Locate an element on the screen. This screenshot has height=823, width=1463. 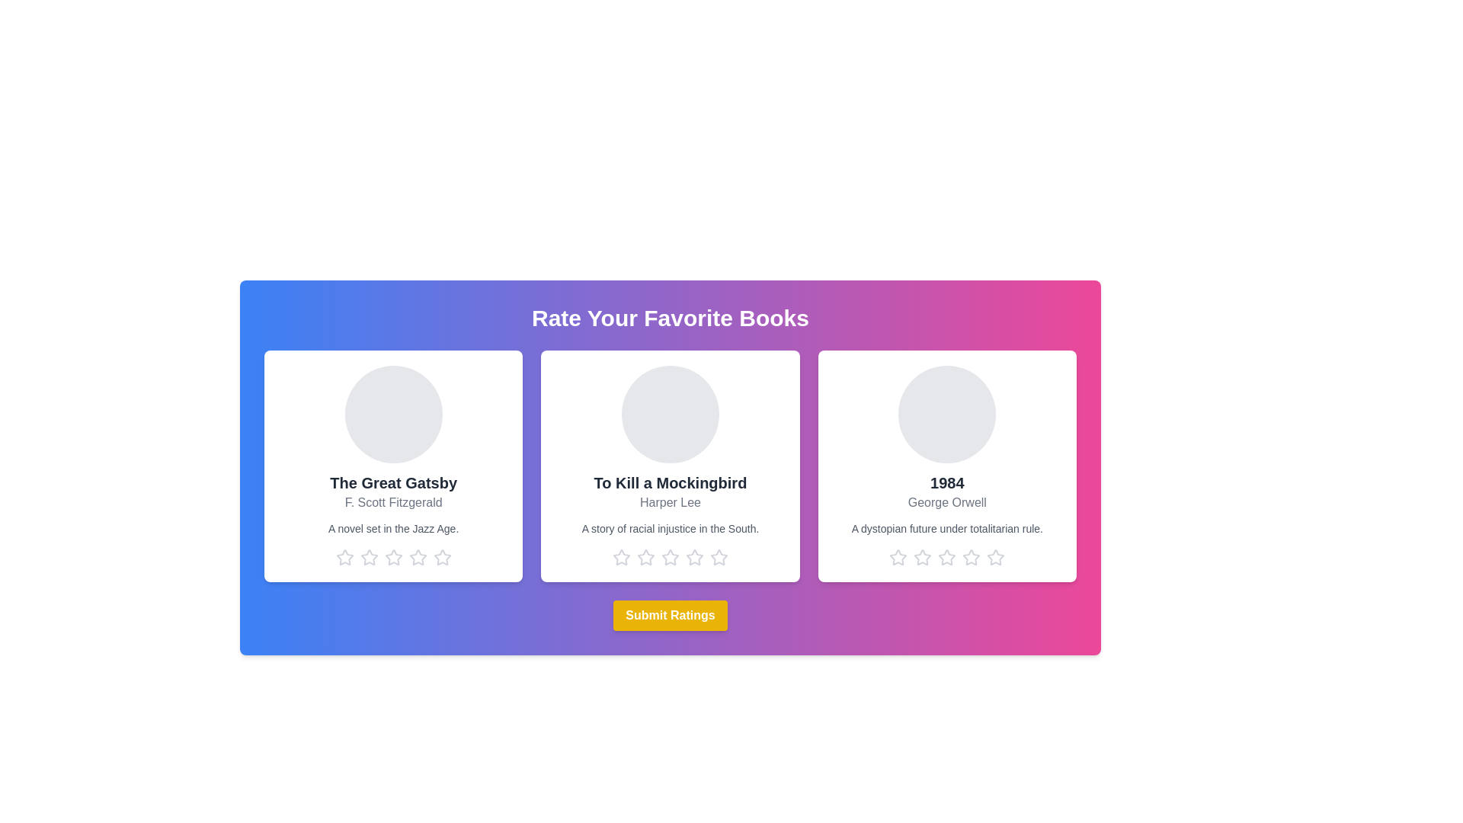
the star corresponding to the rating 4 for the book titled 1984 is located at coordinates (971, 558).